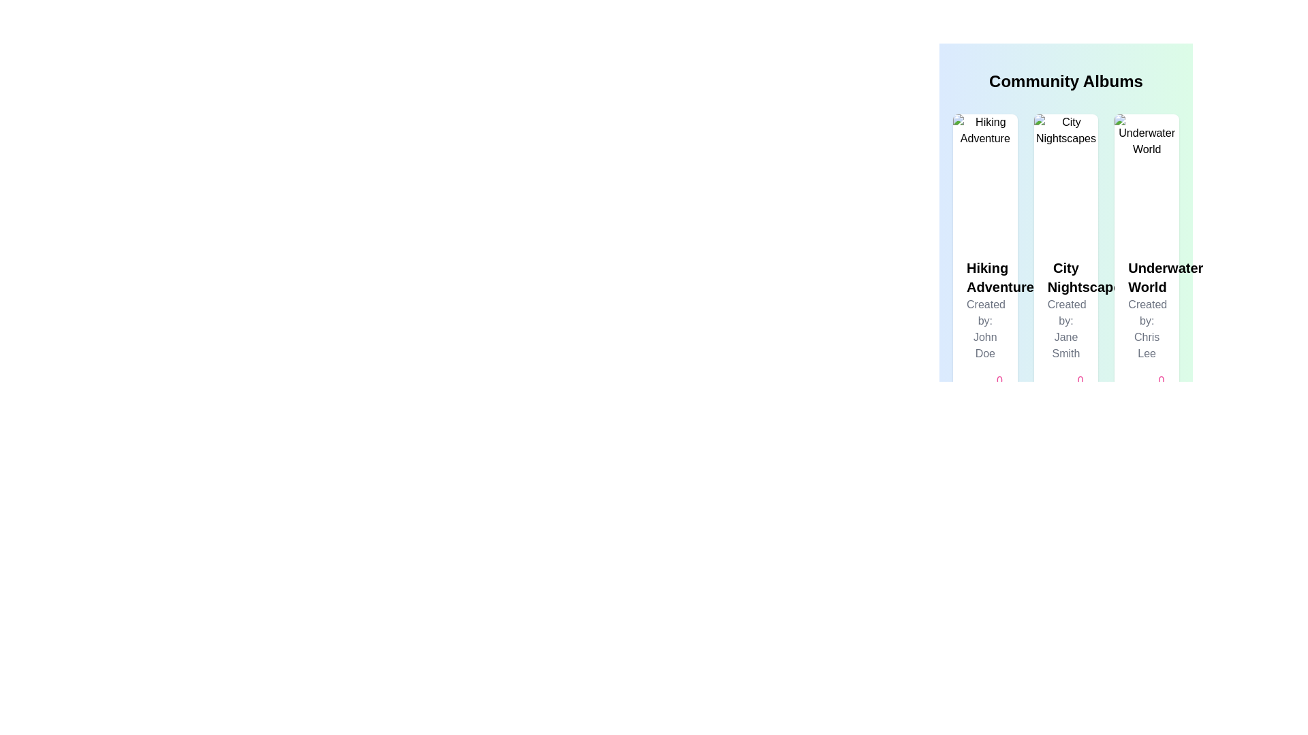 The image size is (1308, 735). Describe the element at coordinates (1146, 329) in the screenshot. I see `the text label that displays 'Created by: Chris Lee' in gray color, positioned under the title 'Underwater World'` at that location.